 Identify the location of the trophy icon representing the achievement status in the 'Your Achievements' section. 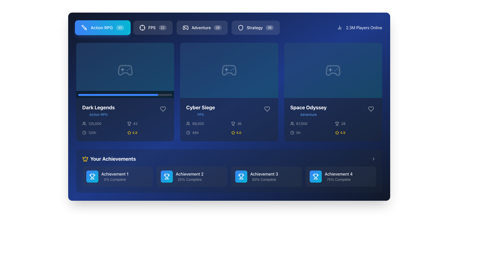
(241, 176).